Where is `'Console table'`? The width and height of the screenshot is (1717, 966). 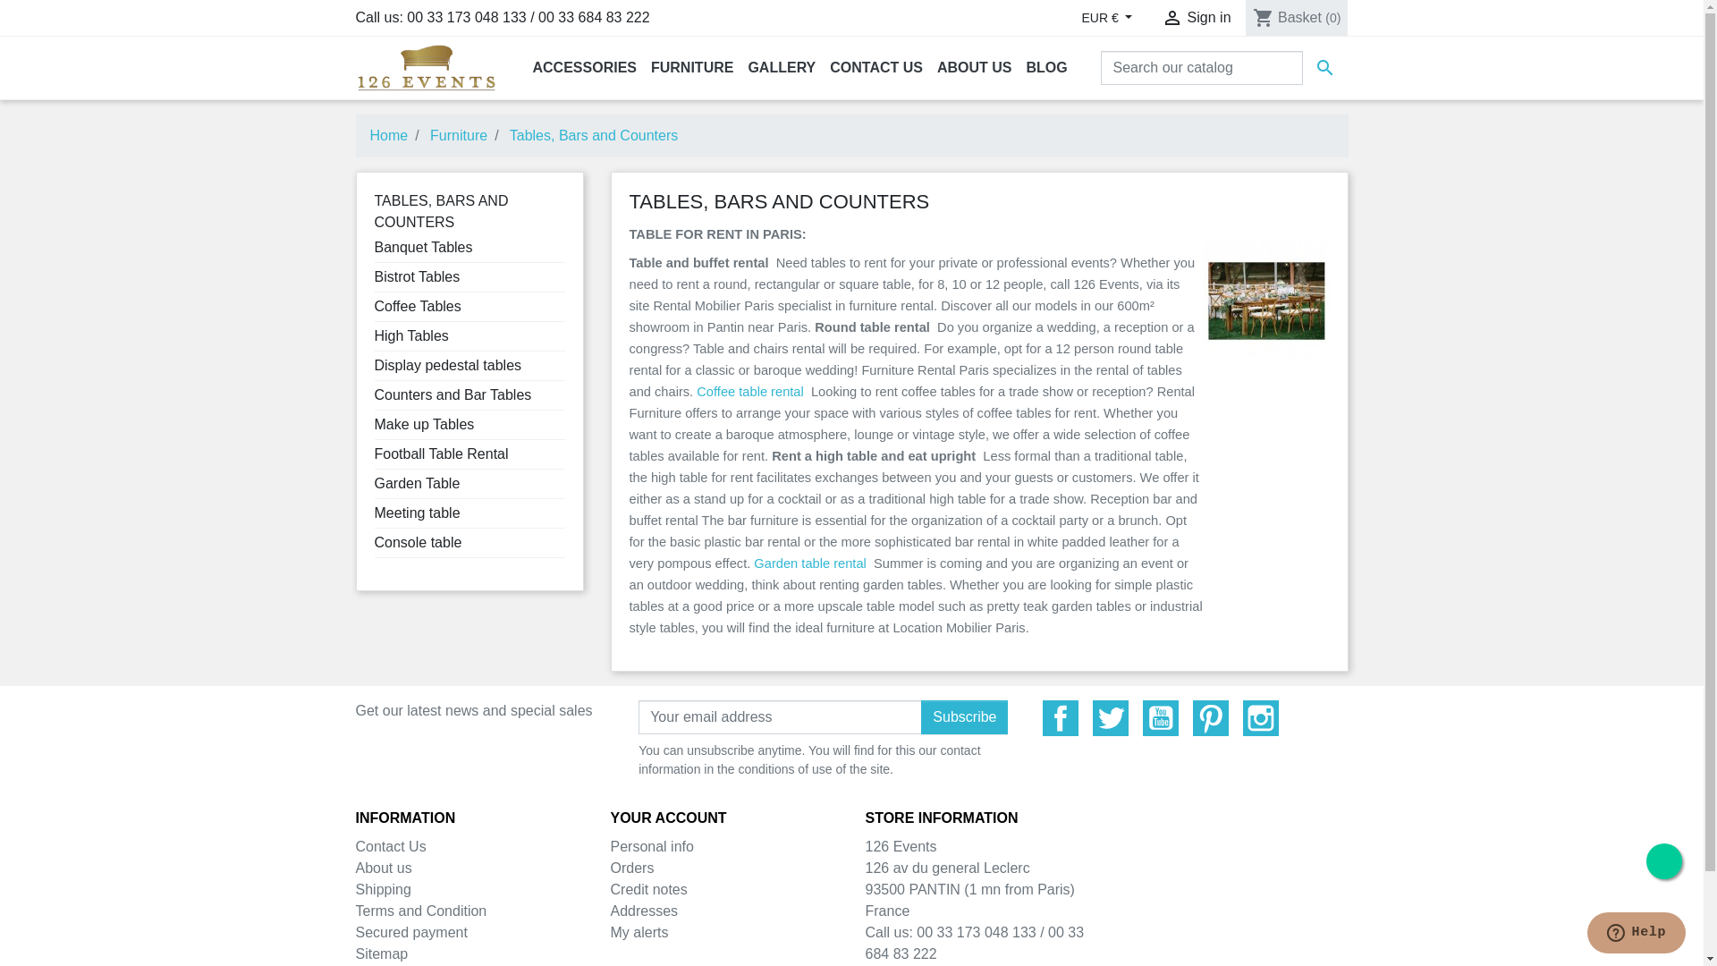 'Console table' is located at coordinates (372, 541).